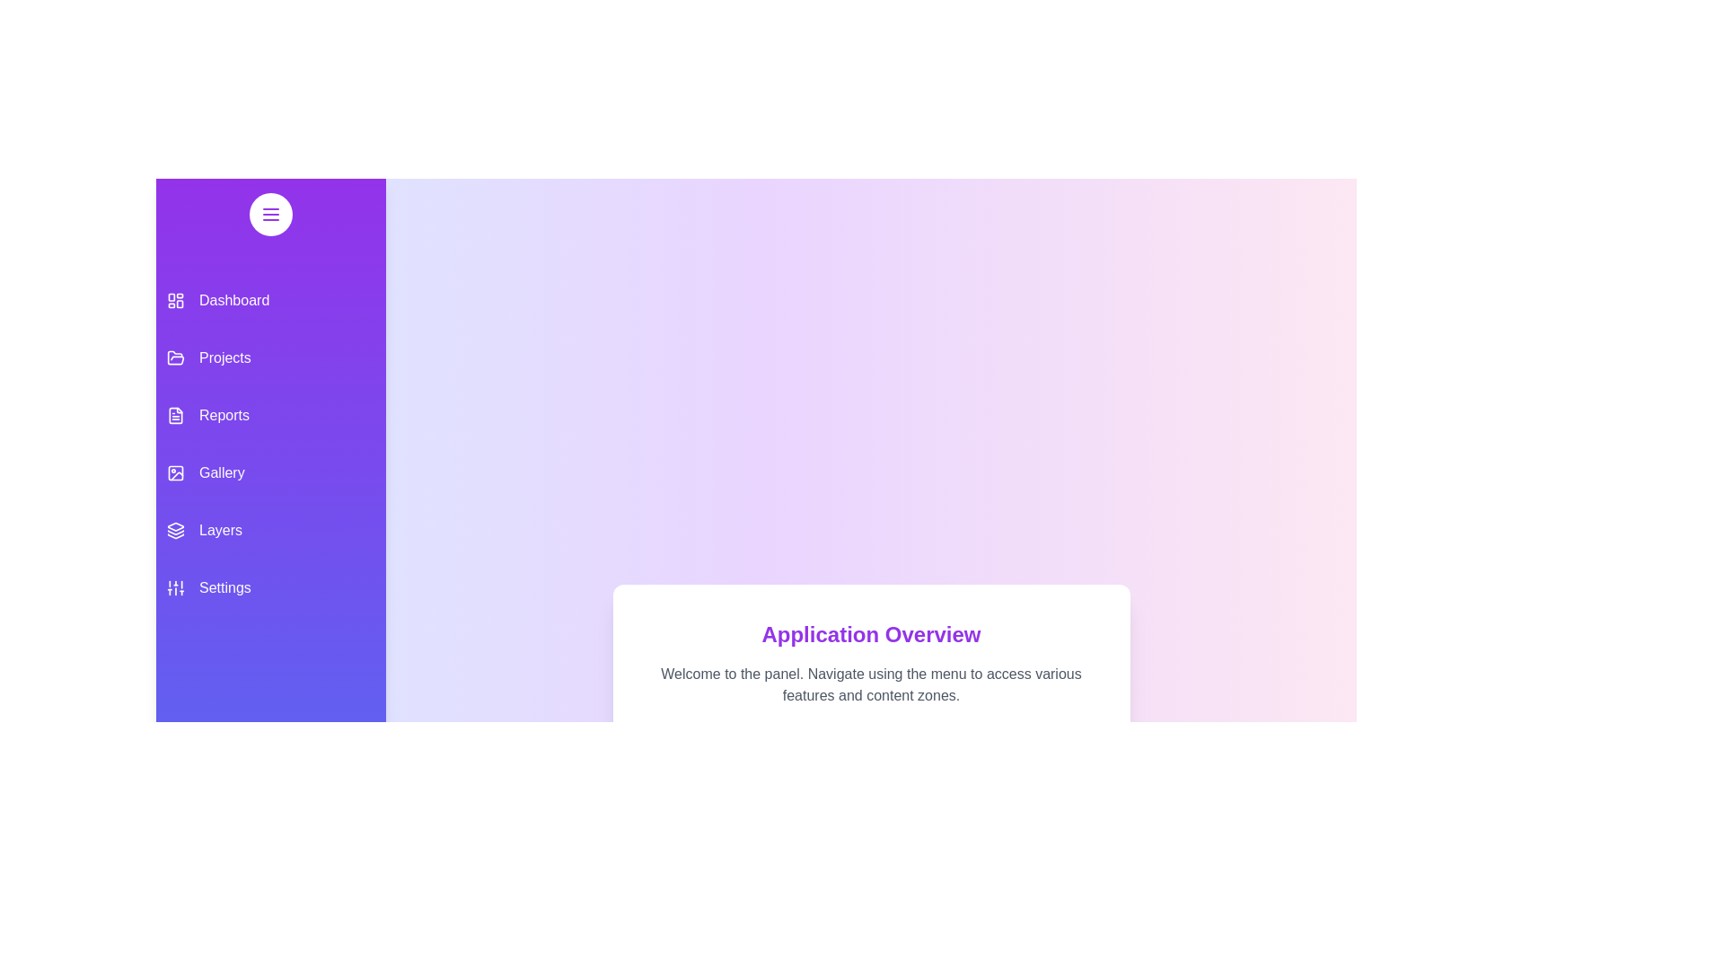  I want to click on the menu item corresponding to Gallery, so click(270, 472).